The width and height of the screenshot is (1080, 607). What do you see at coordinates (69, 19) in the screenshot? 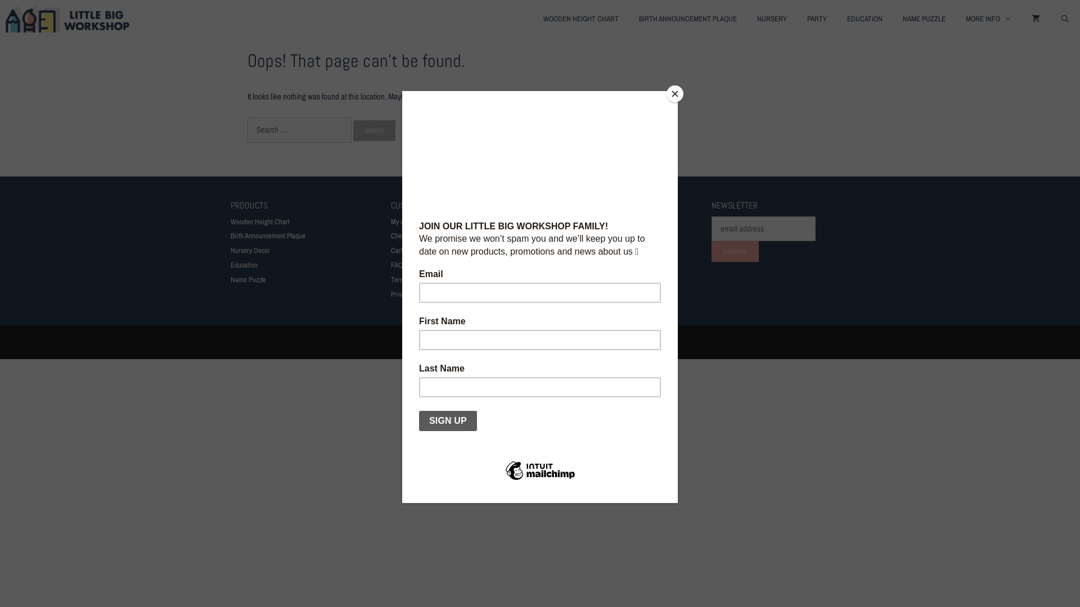
I see `'Little Big Workshop'` at bounding box center [69, 19].